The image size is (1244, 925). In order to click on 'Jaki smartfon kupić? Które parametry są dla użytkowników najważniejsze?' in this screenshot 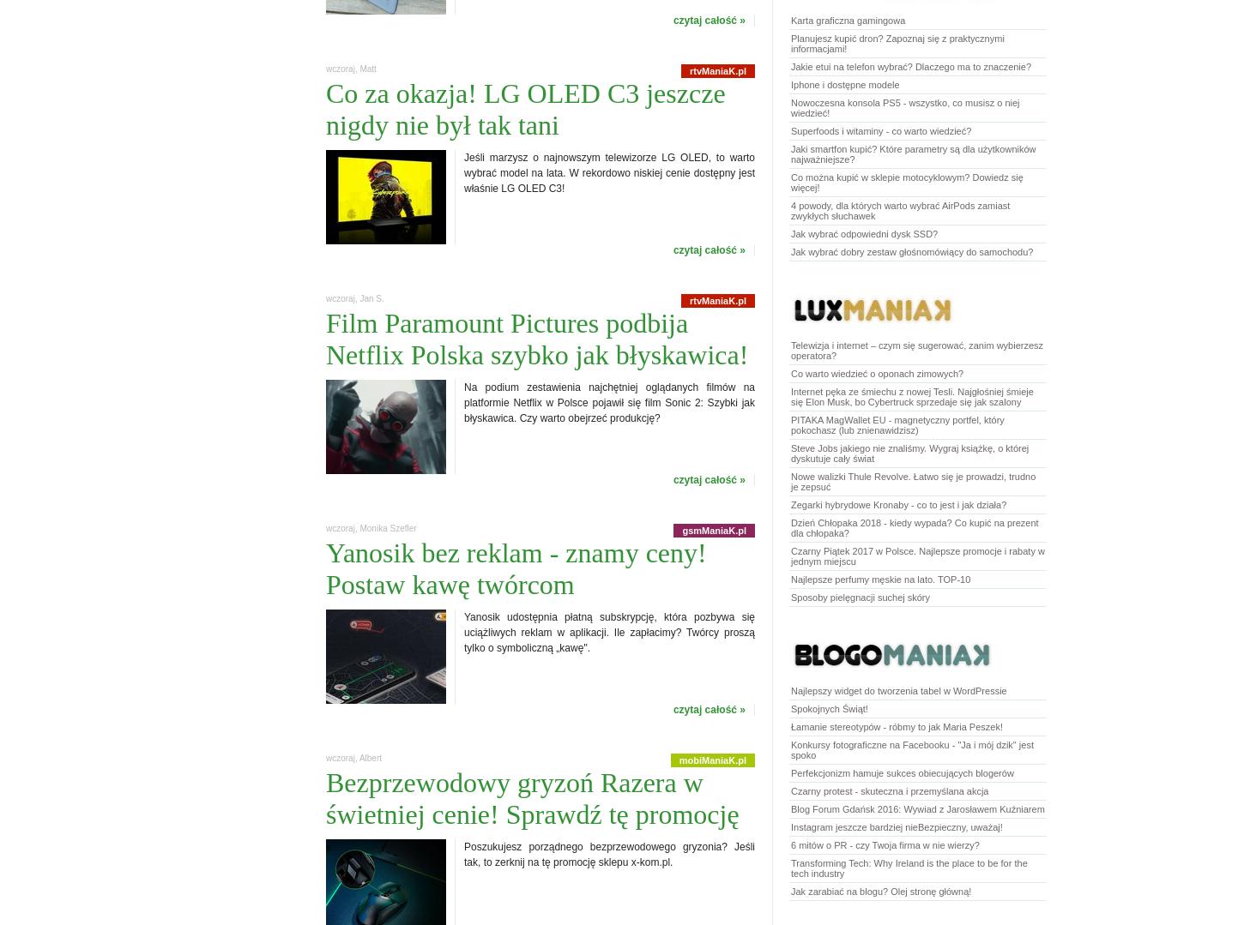, I will do `click(913, 153)`.